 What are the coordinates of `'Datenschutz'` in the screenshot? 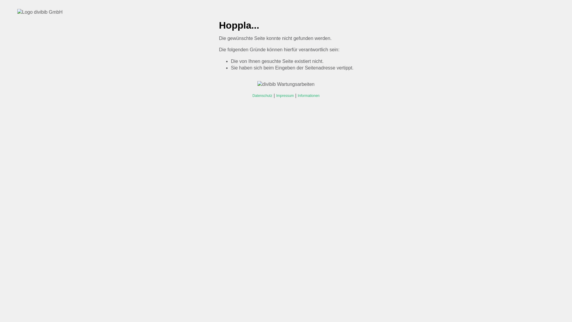 It's located at (262, 95).